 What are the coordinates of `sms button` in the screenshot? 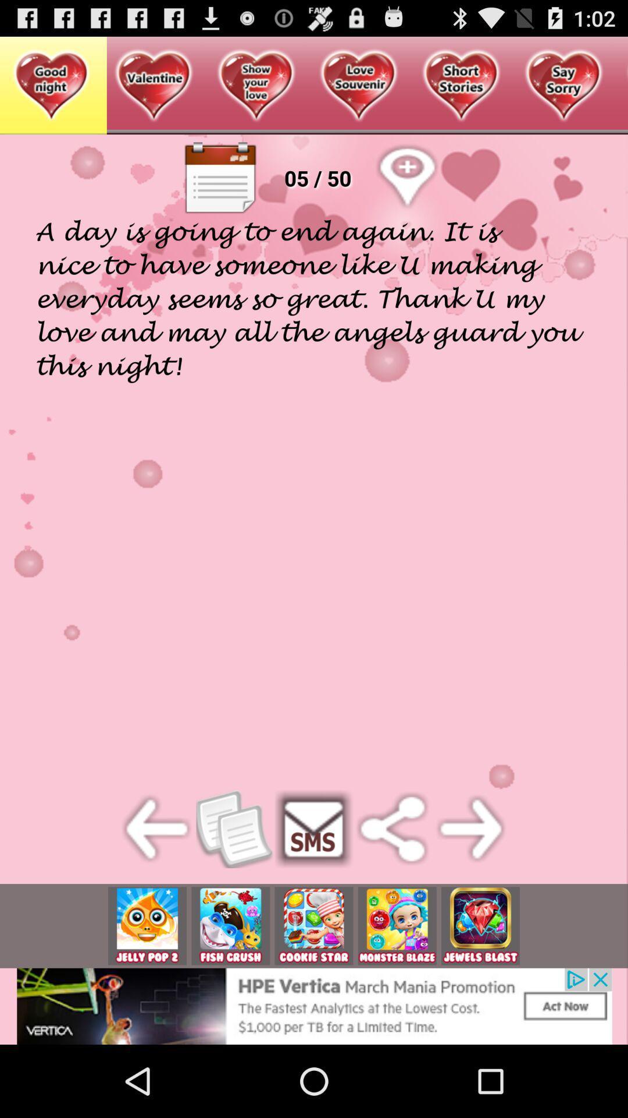 It's located at (314, 828).